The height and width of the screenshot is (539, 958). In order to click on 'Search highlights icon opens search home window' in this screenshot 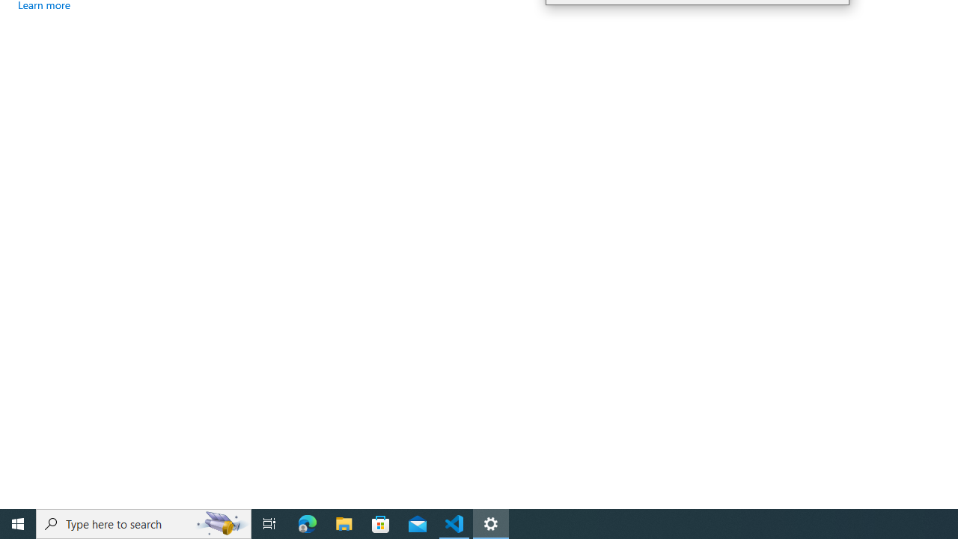, I will do `click(220, 523)`.